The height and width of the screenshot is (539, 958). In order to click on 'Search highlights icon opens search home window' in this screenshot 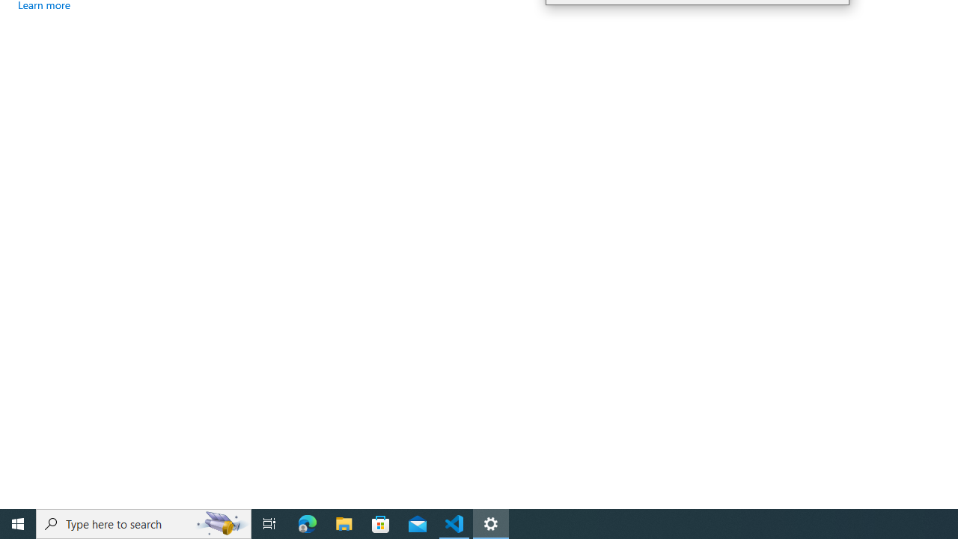, I will do `click(220, 523)`.